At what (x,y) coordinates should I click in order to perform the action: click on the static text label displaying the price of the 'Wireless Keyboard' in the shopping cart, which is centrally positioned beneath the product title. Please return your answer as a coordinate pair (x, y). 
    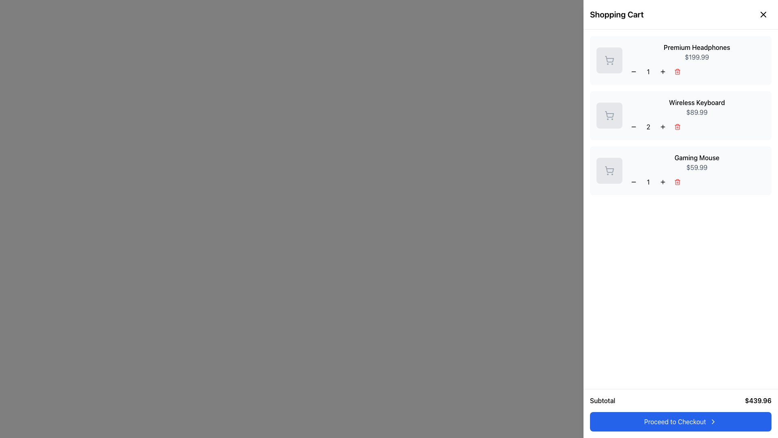
    Looking at the image, I should click on (696, 112).